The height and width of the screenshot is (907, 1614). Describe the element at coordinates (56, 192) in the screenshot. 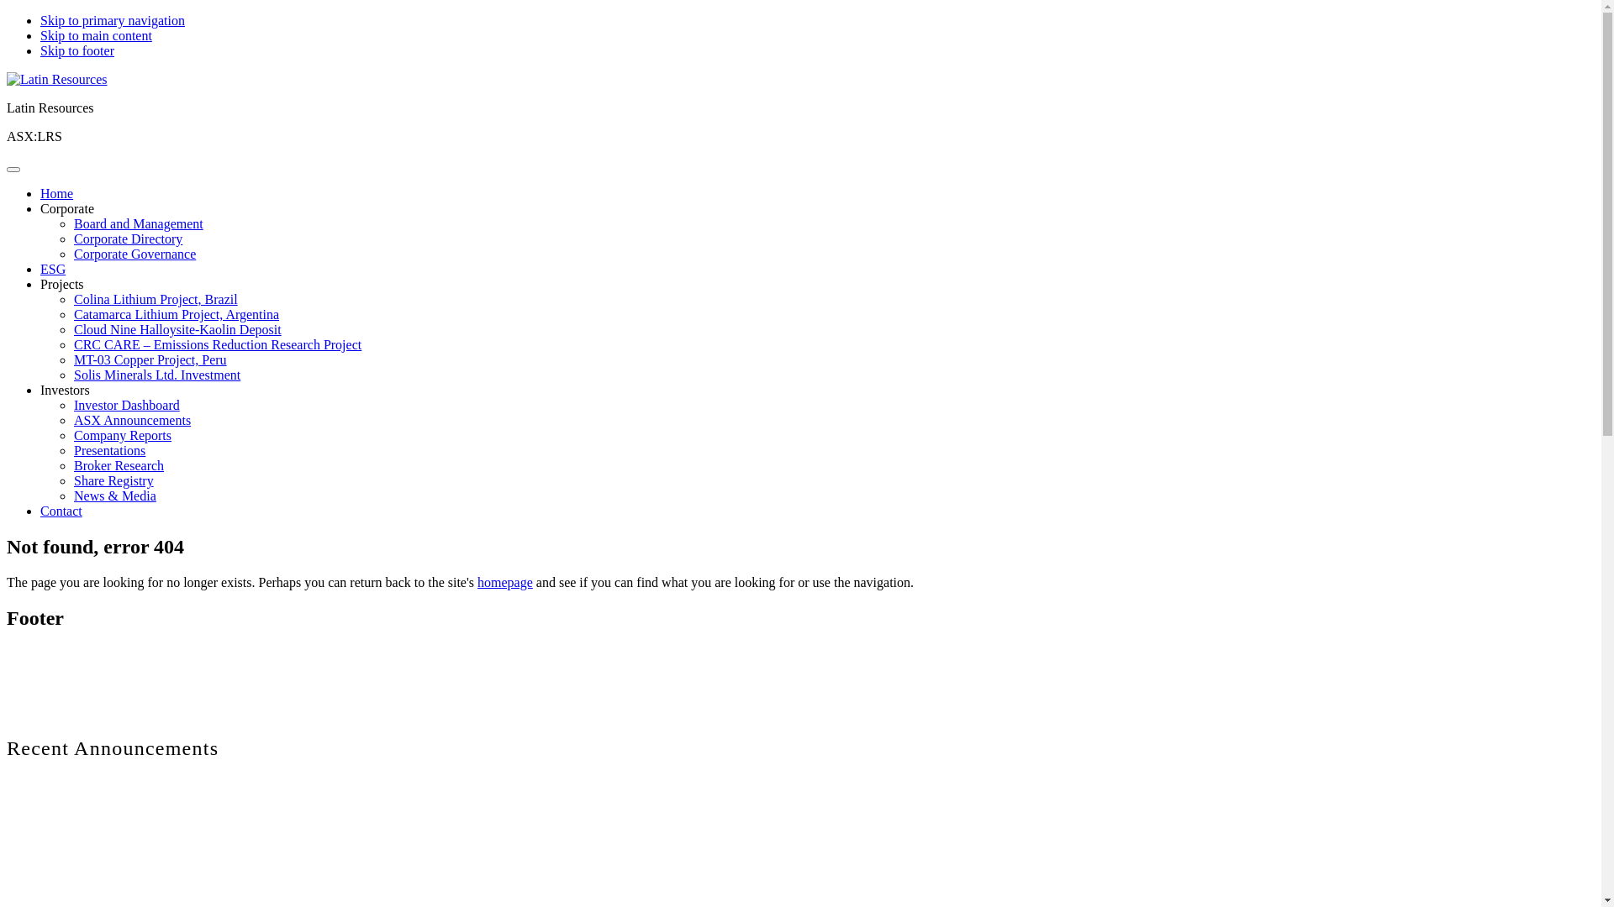

I see `'Home'` at that location.